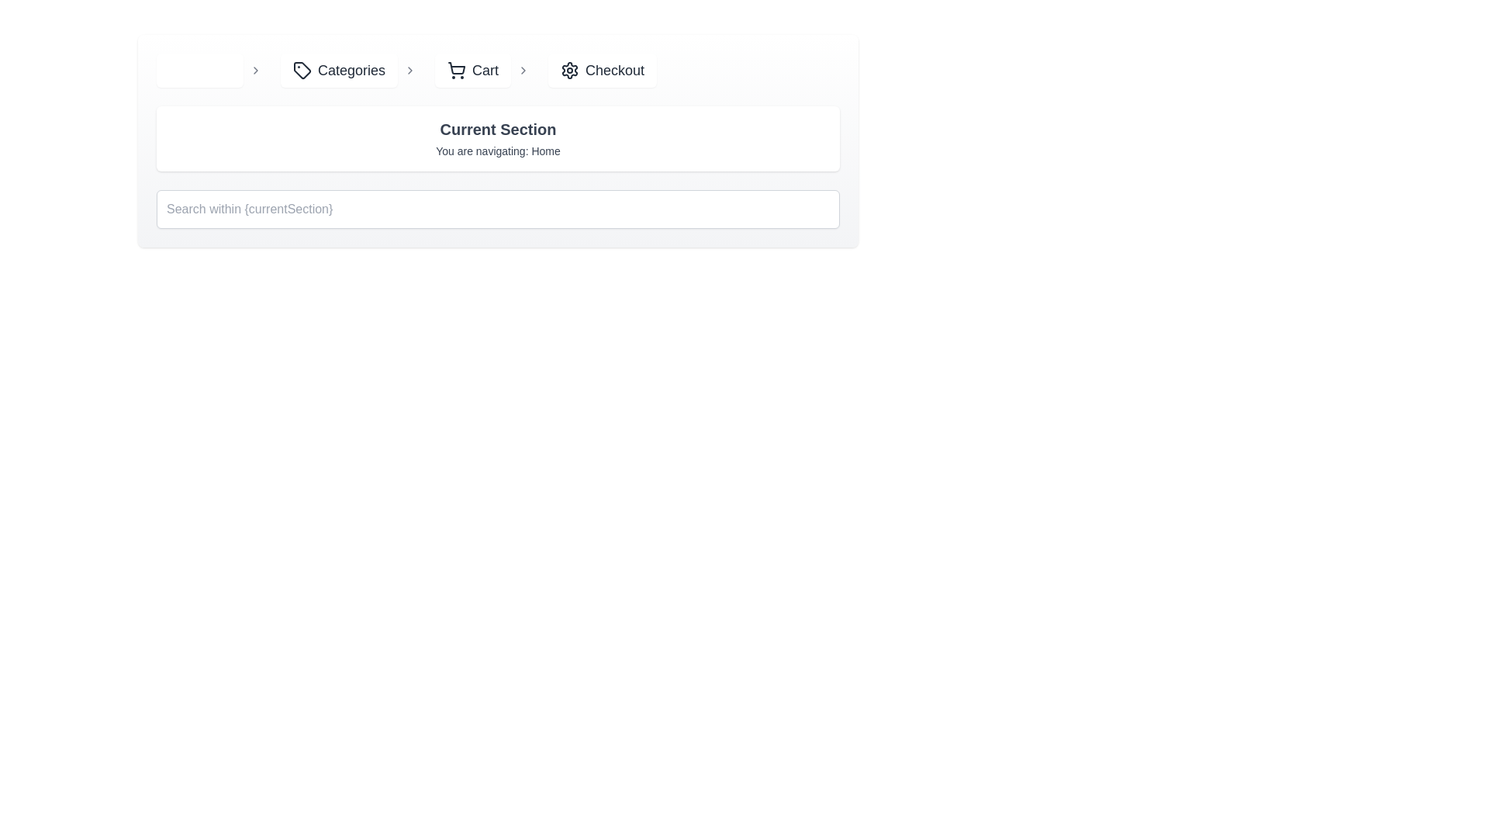 This screenshot has width=1489, height=838. I want to click on the forward navigation icon located to the right of the 'Home' text in the breadcrumb navigation bar to understand its significance for navigation, so click(256, 71).